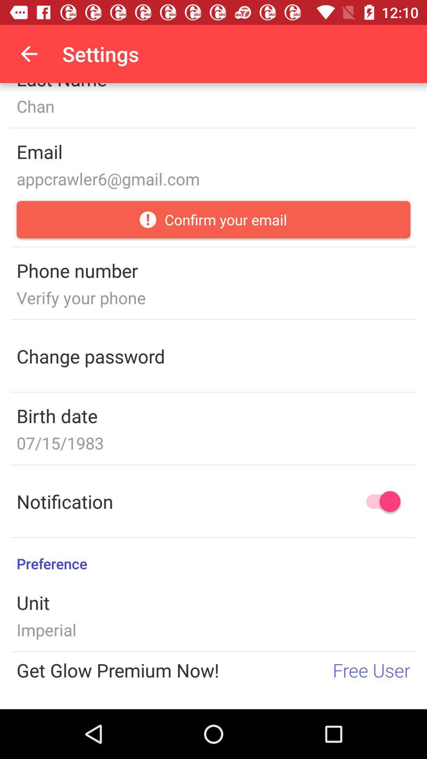 The image size is (427, 759). I want to click on icon to the right of notification item, so click(379, 501).